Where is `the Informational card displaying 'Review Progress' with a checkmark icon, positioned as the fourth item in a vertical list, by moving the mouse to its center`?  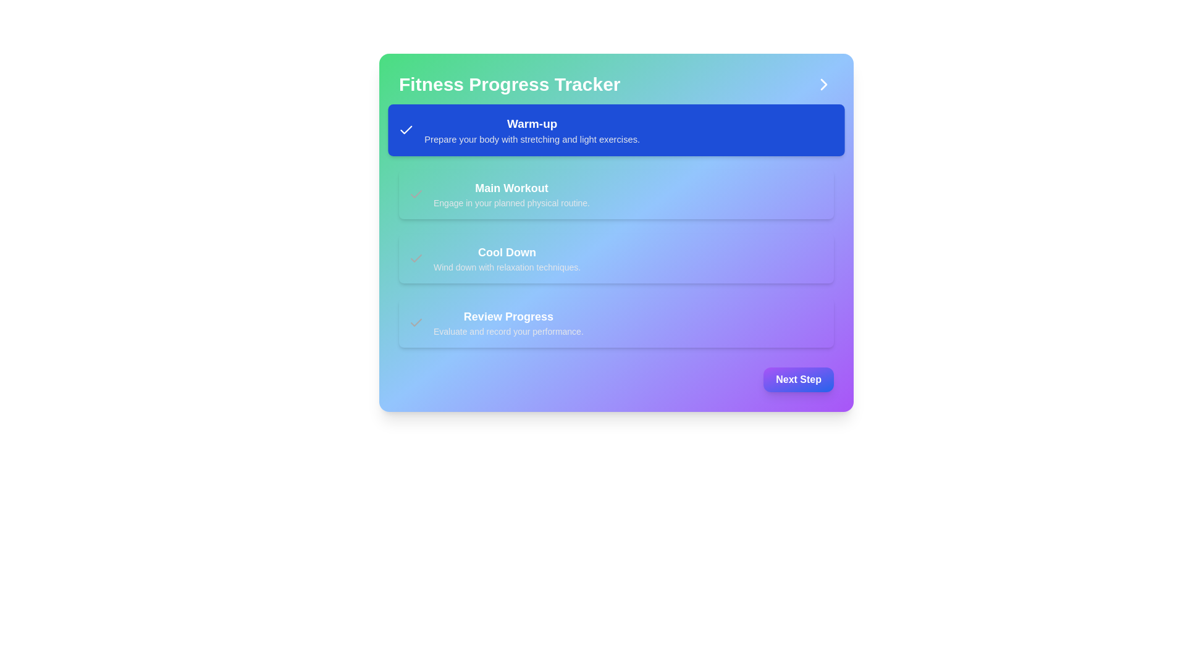
the Informational card displaying 'Review Progress' with a checkmark icon, positioned as the fourth item in a vertical list, by moving the mouse to its center is located at coordinates (616, 322).